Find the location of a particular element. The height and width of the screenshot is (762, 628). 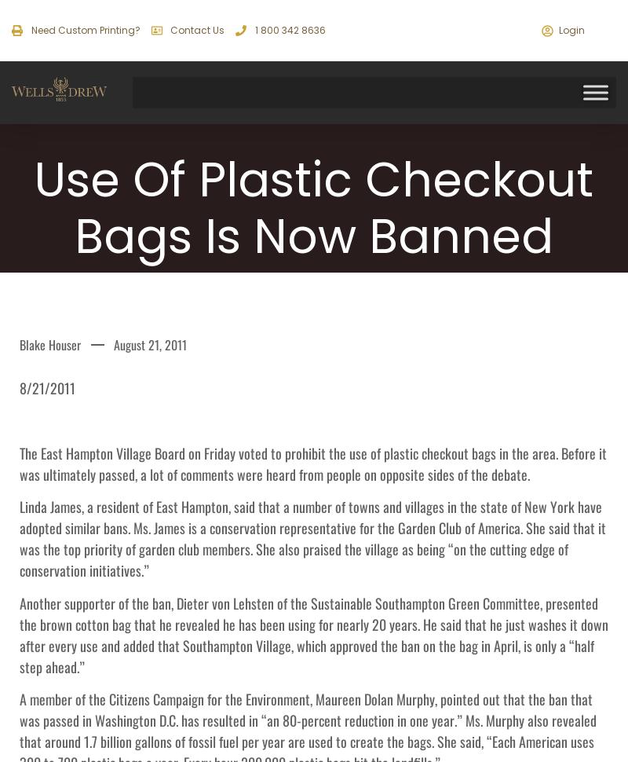

'Login' is located at coordinates (571, 30).